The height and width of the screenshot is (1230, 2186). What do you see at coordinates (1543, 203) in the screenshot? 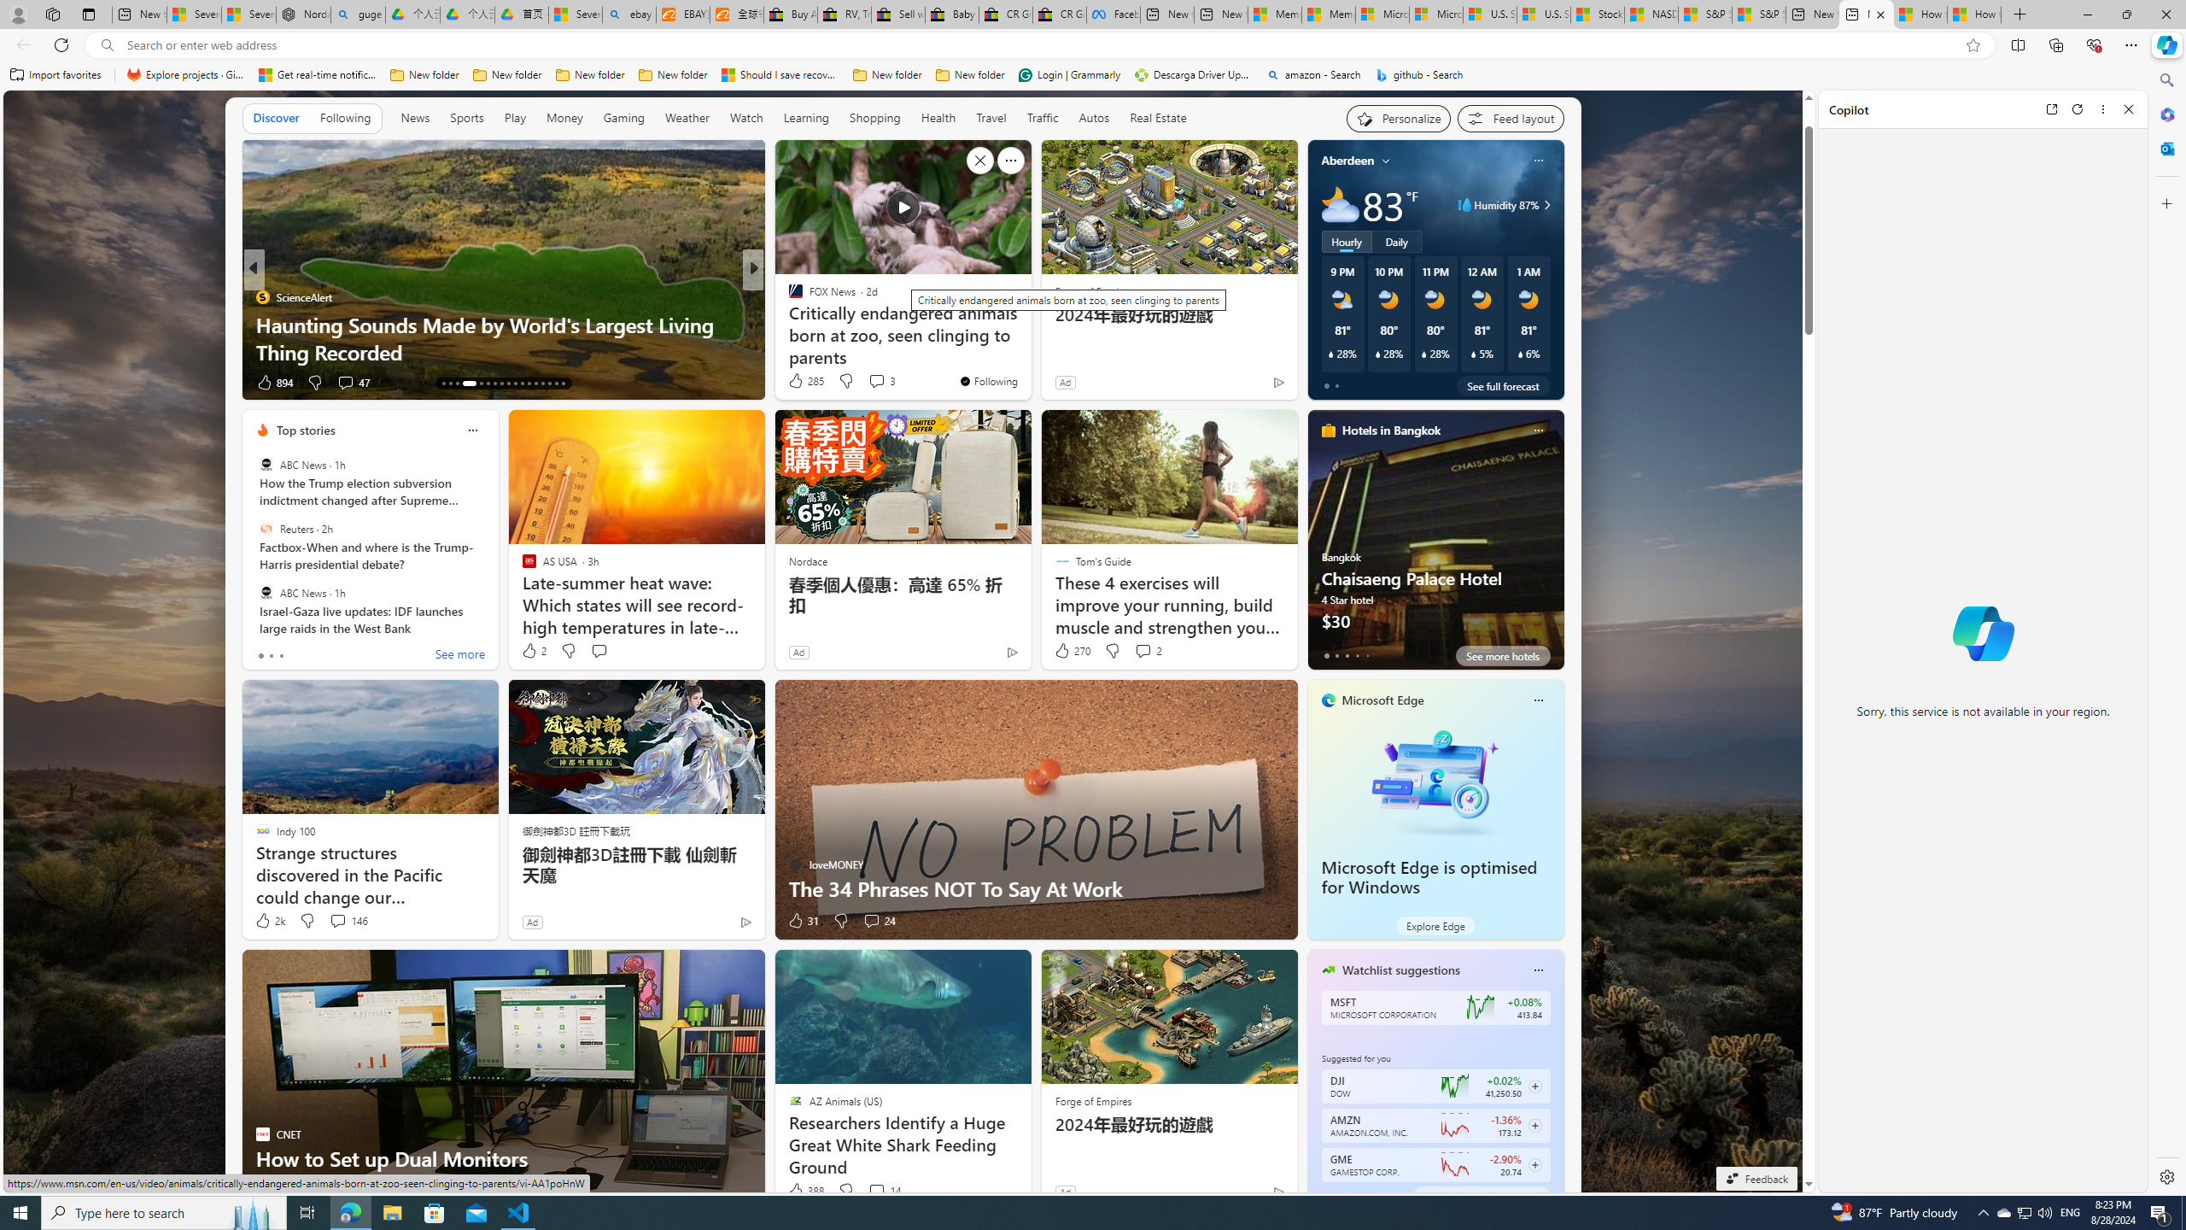
I see `'Humidity 87%'` at bounding box center [1543, 203].